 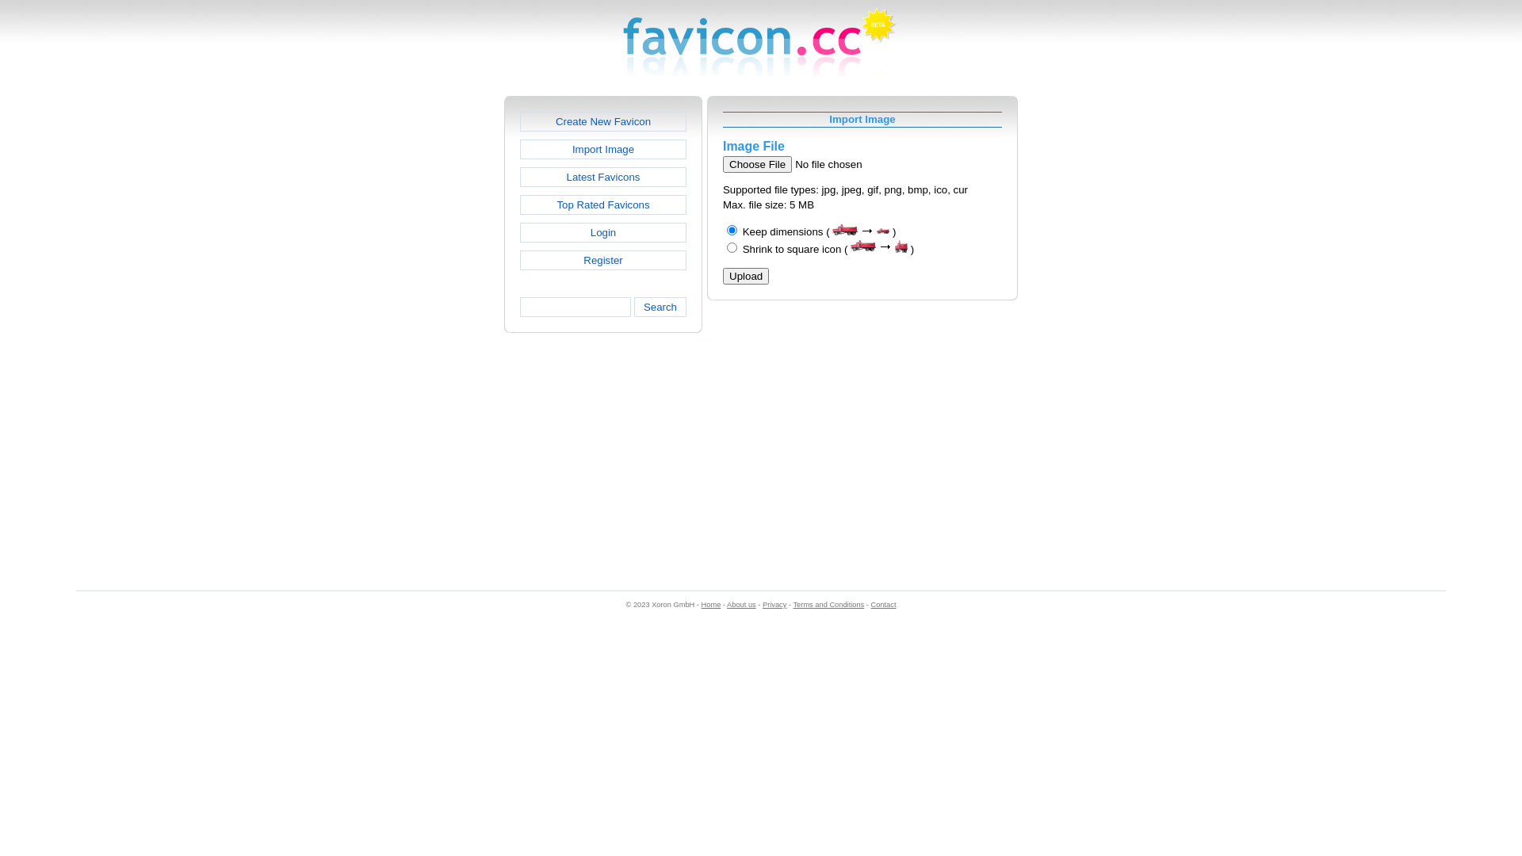 What do you see at coordinates (774, 605) in the screenshot?
I see `'Privacy'` at bounding box center [774, 605].